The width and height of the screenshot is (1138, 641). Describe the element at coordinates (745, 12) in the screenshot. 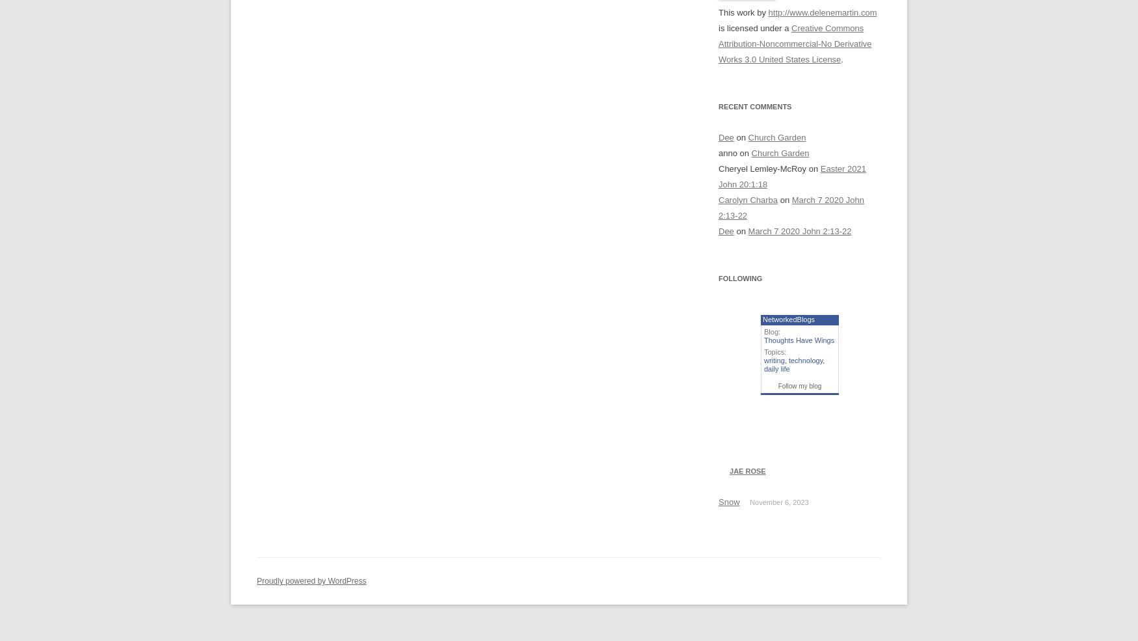

I see `'work'` at that location.